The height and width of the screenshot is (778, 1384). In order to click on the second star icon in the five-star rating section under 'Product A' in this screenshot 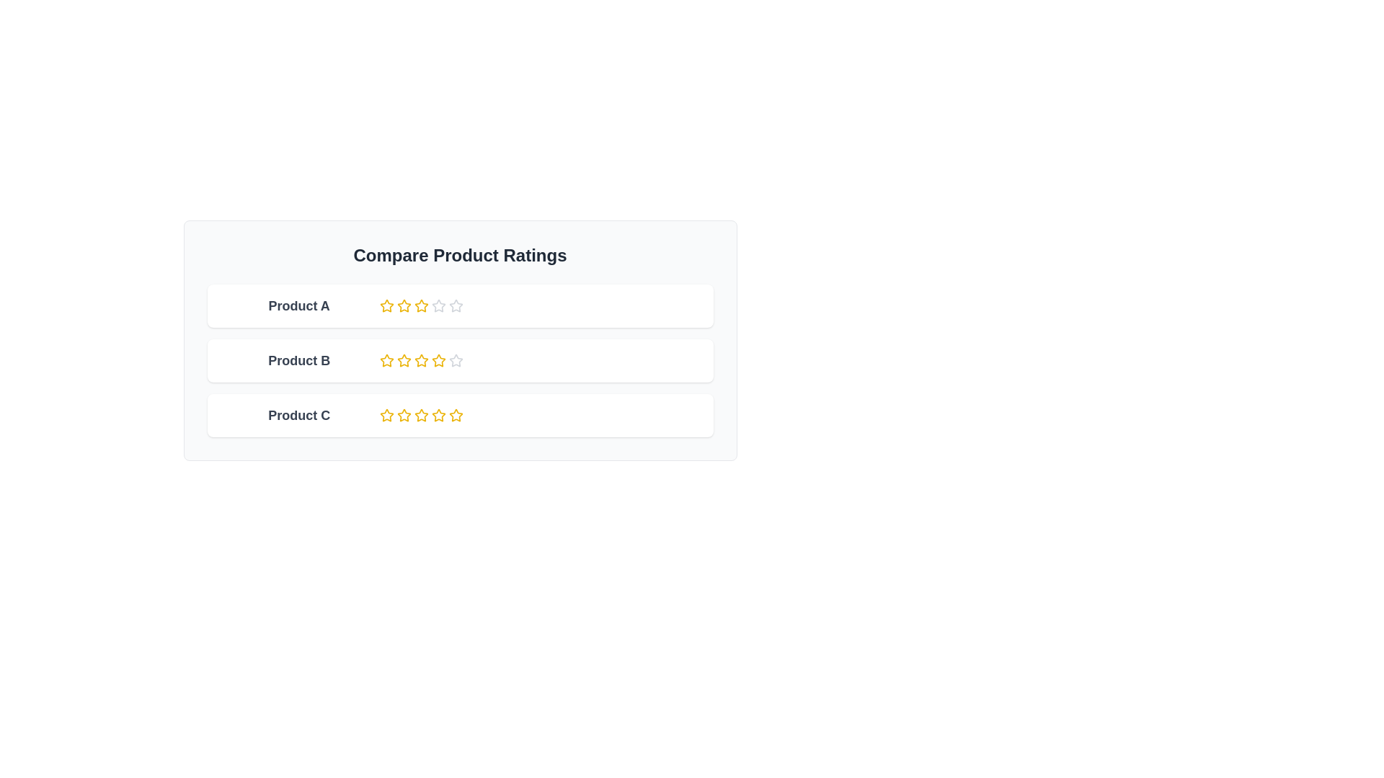, I will do `click(386, 305)`.